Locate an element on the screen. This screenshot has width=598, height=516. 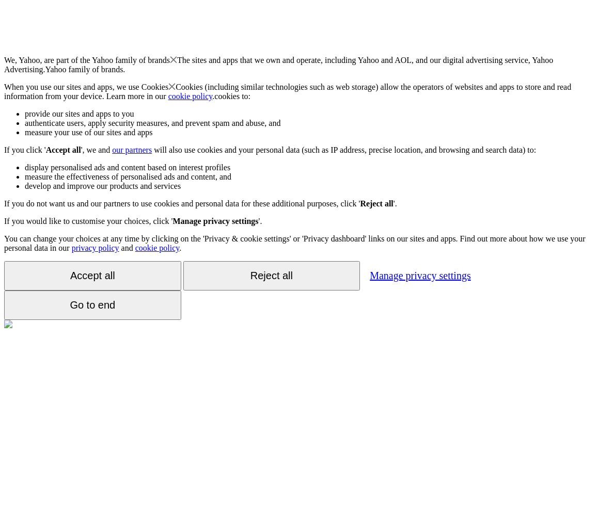
'cookies' is located at coordinates (227, 96).